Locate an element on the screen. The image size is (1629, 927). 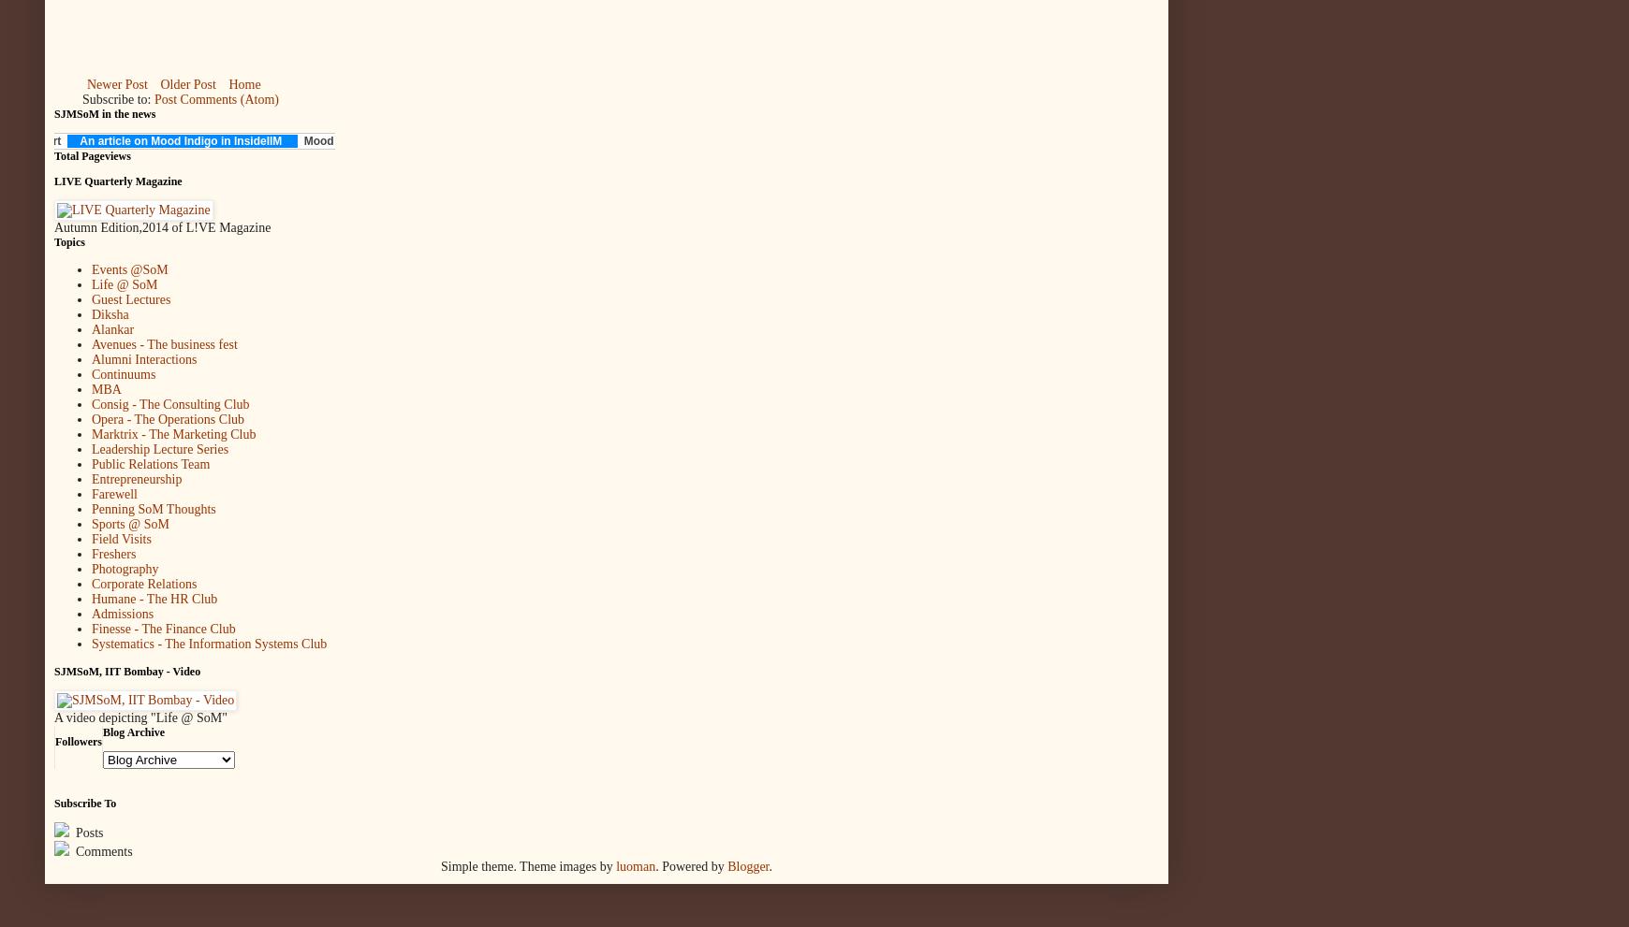
'Photography' is located at coordinates (124, 569).